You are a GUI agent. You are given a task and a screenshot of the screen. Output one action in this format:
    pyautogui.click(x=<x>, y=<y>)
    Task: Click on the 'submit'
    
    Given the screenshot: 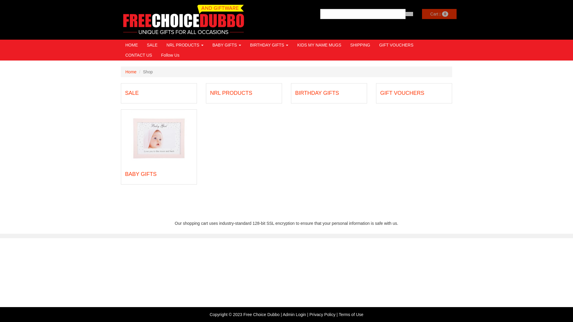 What is the action you would take?
    pyautogui.click(x=409, y=13)
    